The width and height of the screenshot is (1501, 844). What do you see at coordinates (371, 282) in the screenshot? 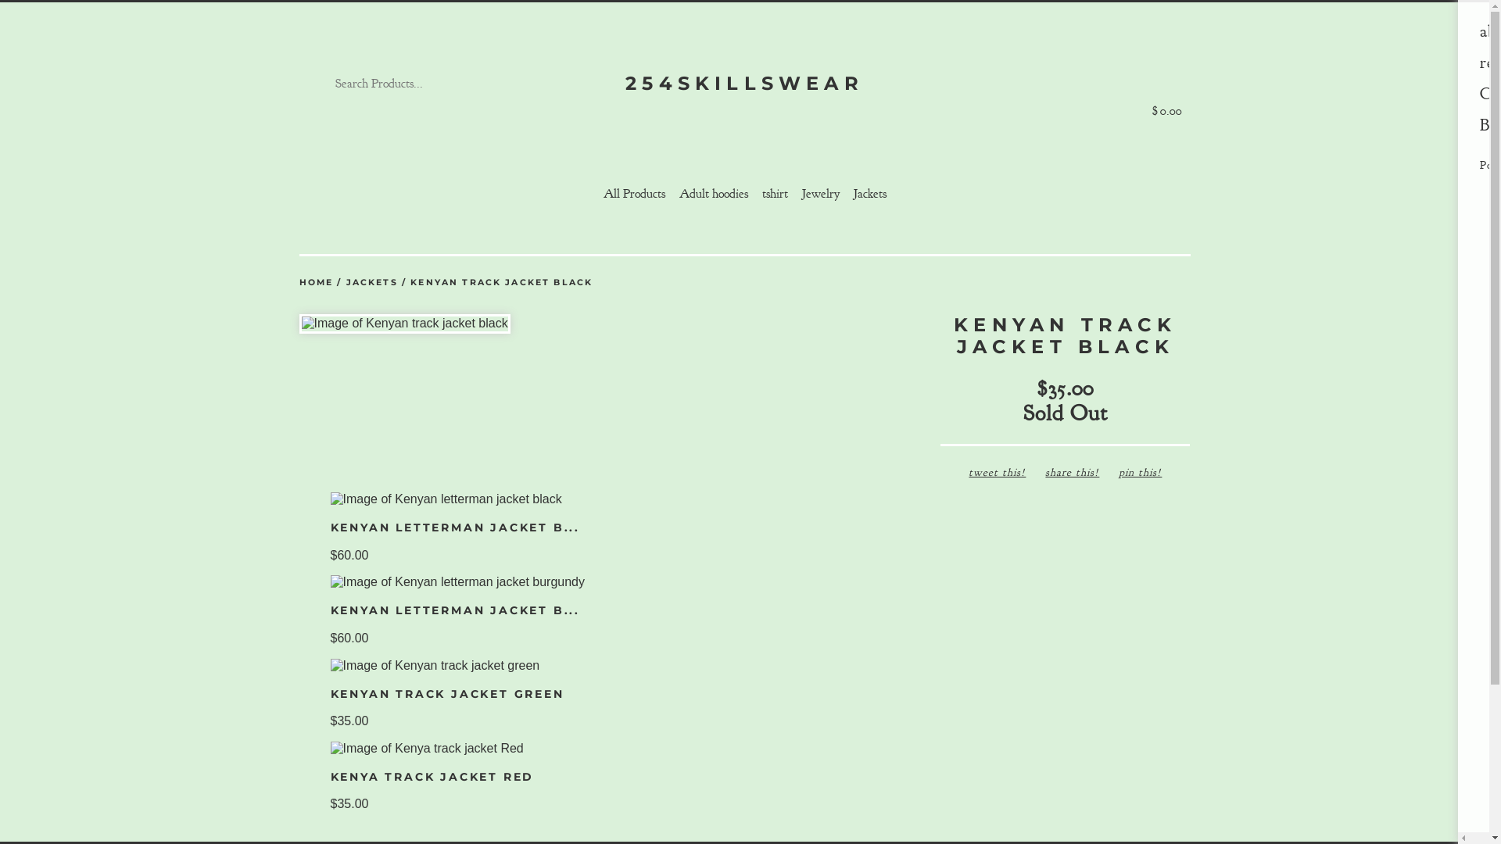
I see `'JACKETS'` at bounding box center [371, 282].